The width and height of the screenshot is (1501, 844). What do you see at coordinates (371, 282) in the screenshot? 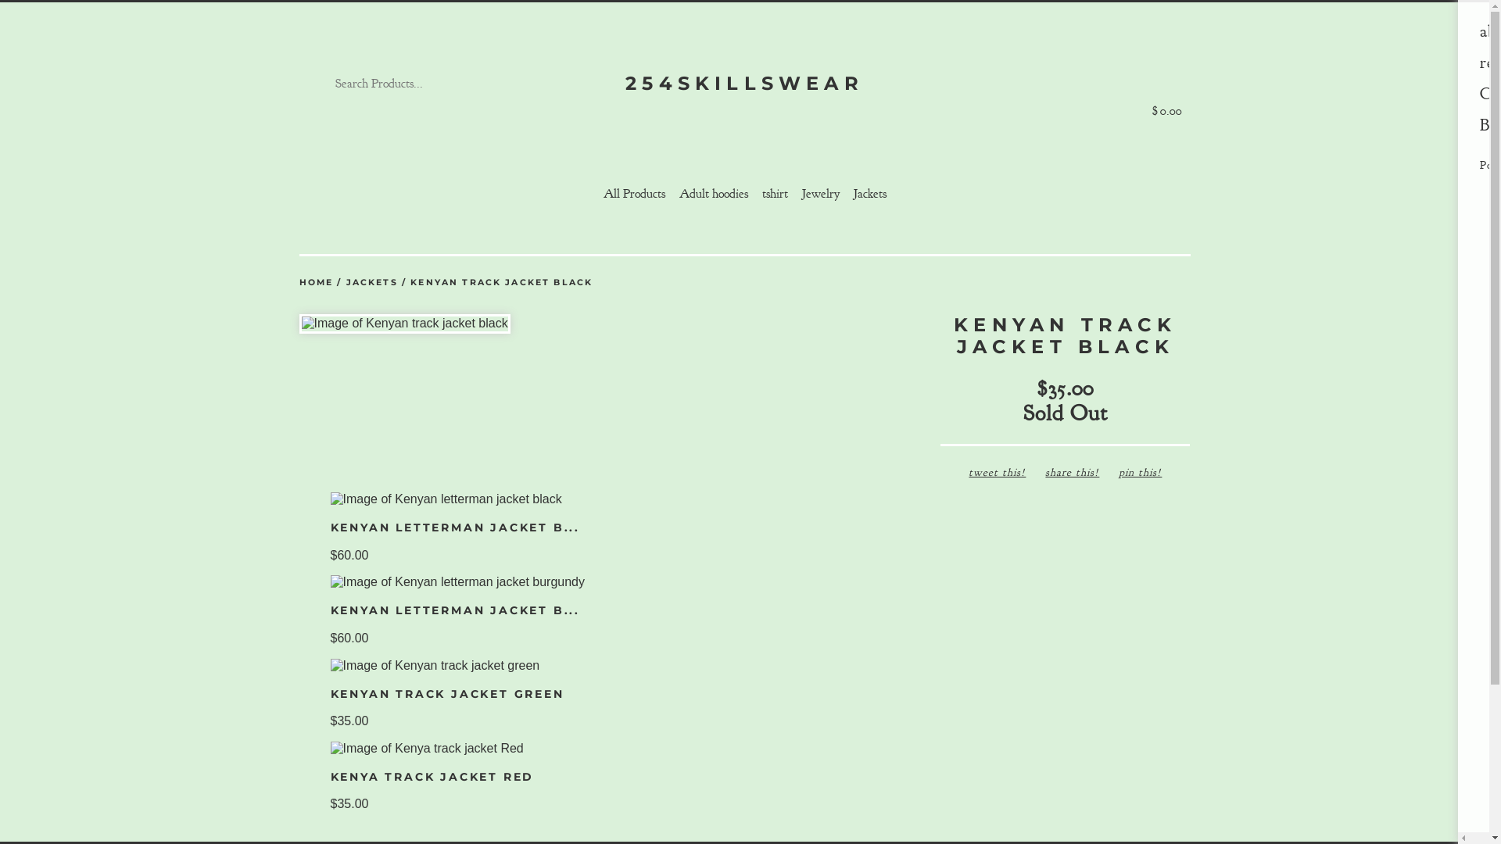
I see `'JACKETS'` at bounding box center [371, 282].